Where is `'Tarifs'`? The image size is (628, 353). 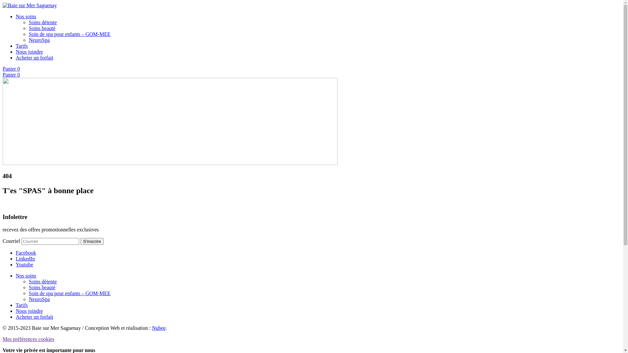
'Tarifs' is located at coordinates (16, 45).